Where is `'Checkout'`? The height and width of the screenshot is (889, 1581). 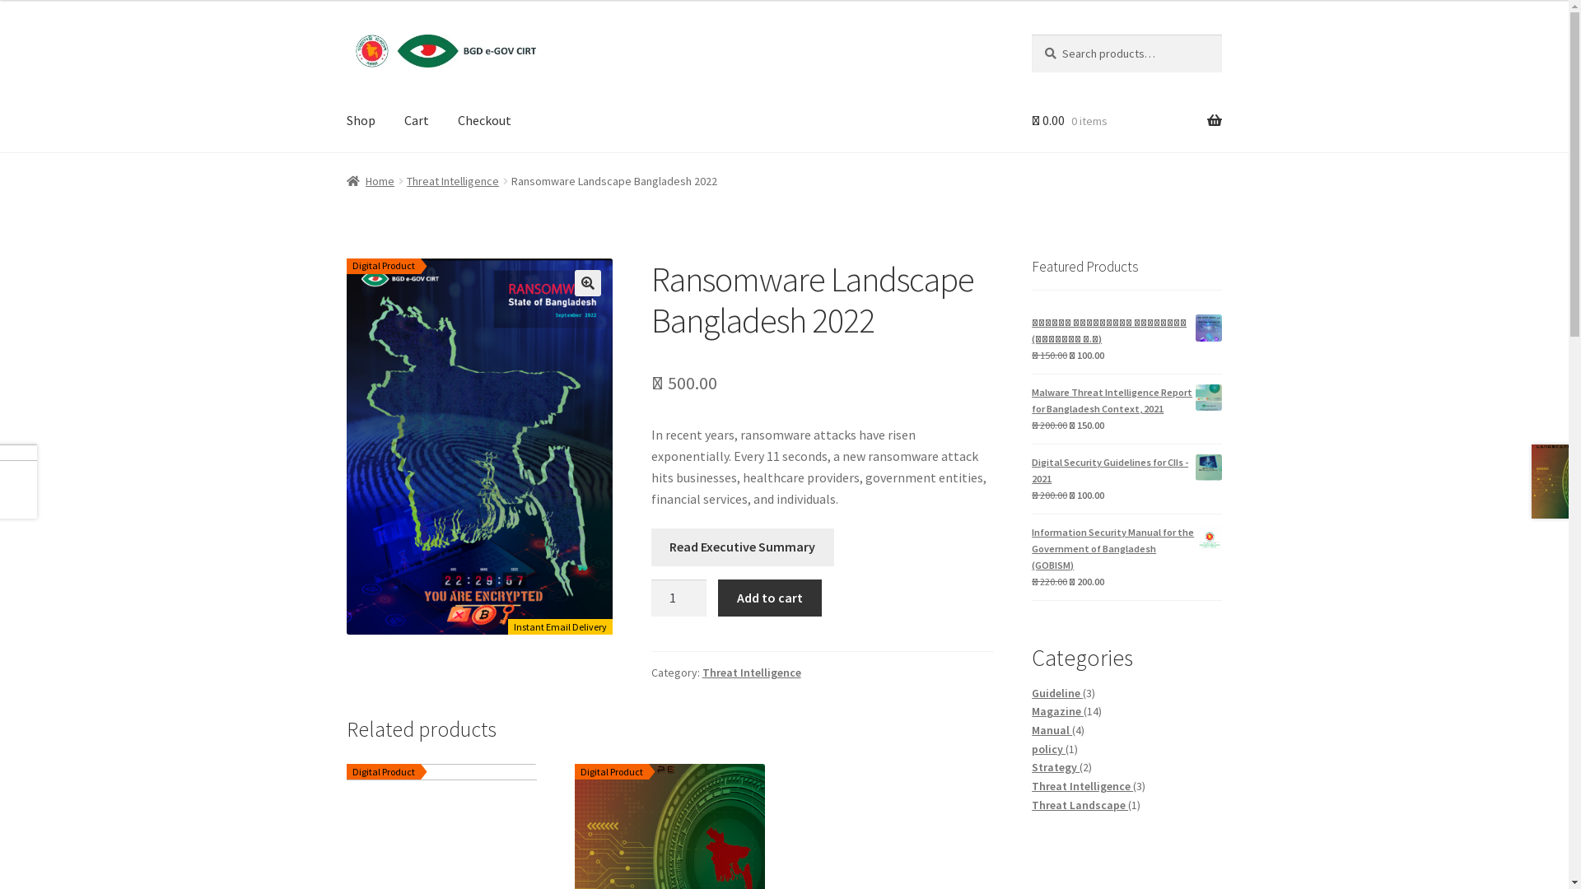
'Checkout' is located at coordinates (483, 119).